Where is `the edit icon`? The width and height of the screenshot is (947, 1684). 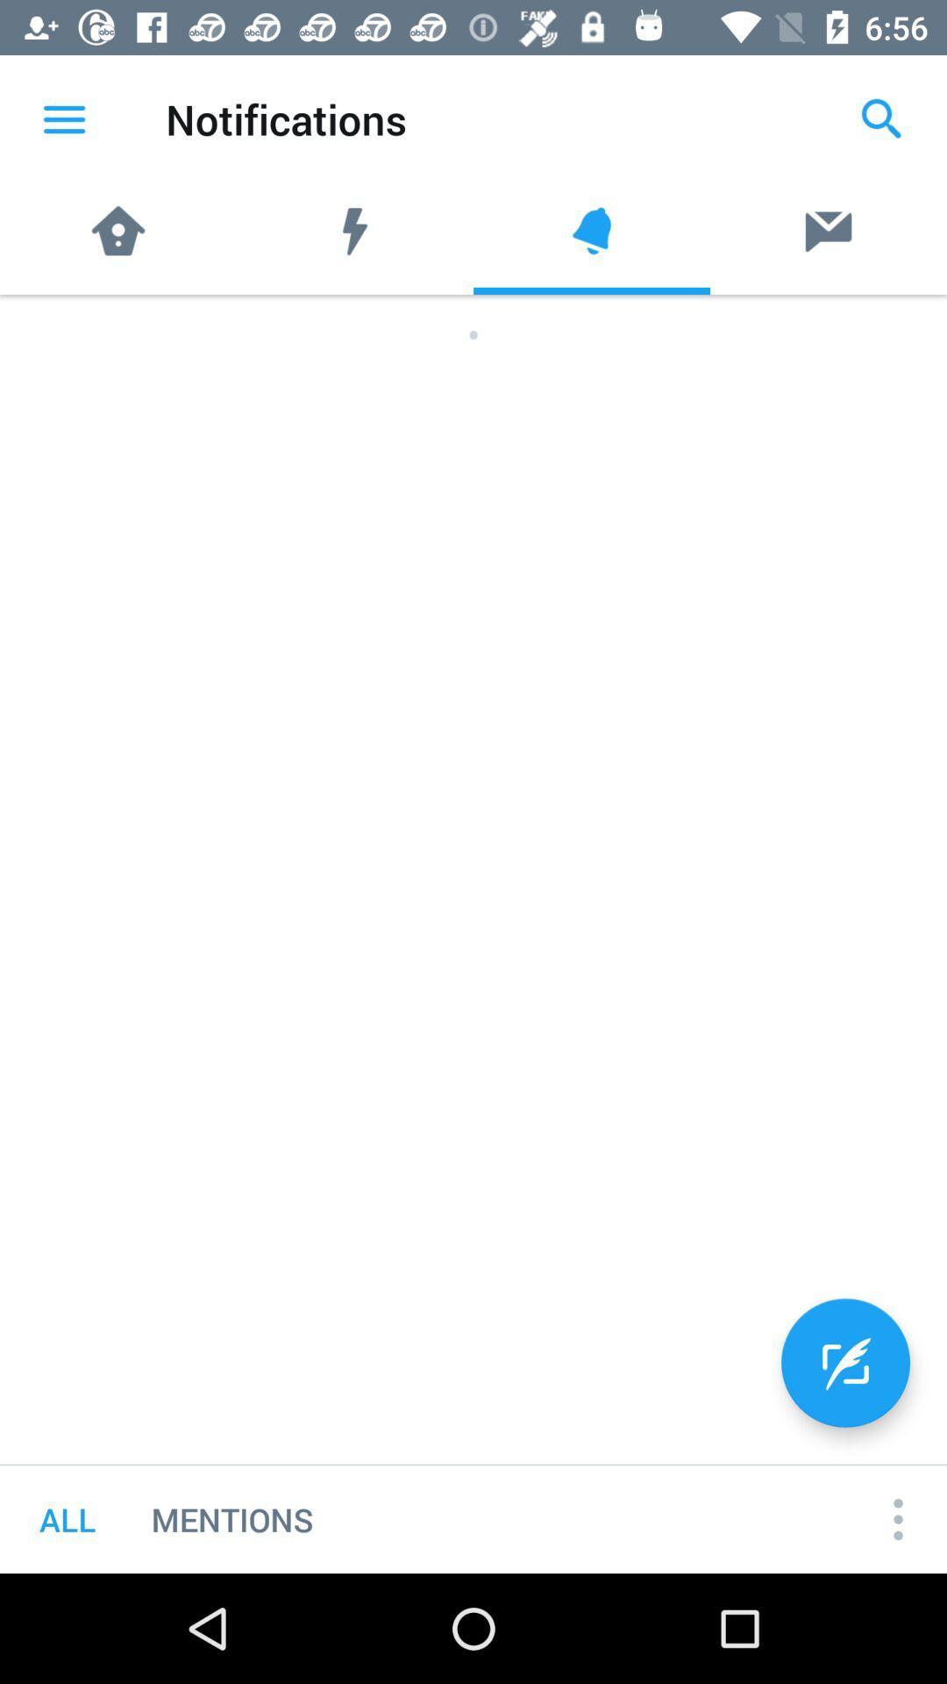 the edit icon is located at coordinates (844, 1362).